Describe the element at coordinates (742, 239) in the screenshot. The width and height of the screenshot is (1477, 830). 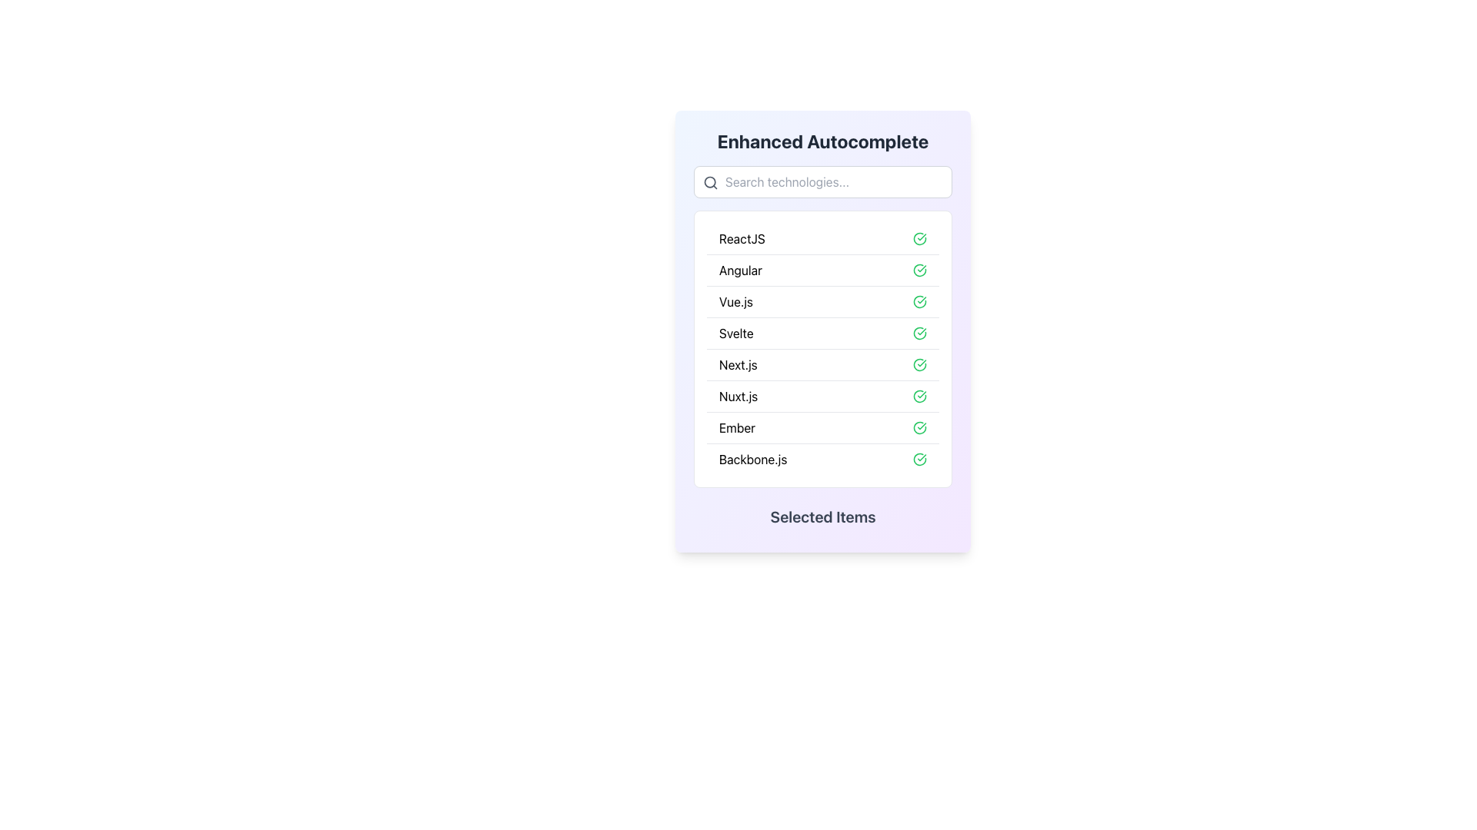
I see `the 'ReactJS' selectable list item label` at that location.